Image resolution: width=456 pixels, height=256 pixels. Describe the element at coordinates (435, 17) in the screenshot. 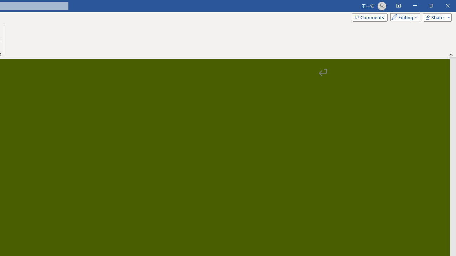

I see `'Share'` at that location.